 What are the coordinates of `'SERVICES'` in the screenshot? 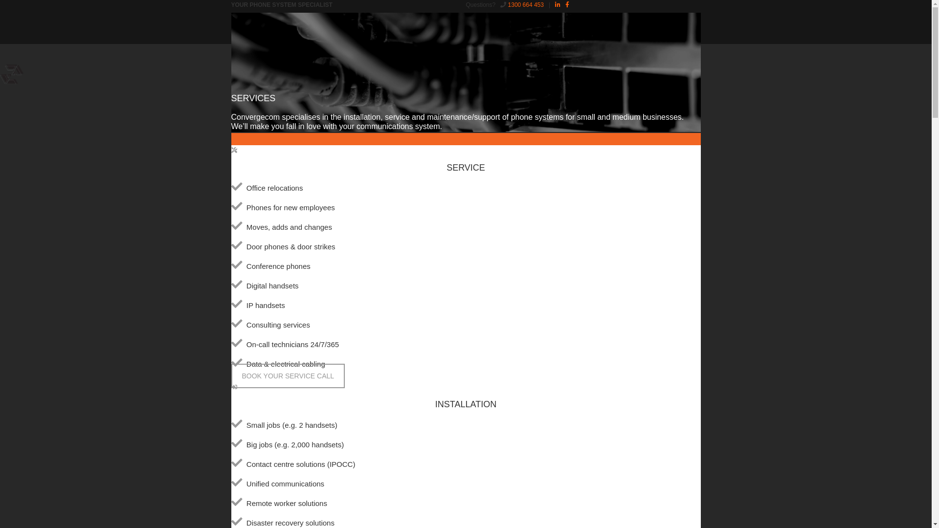 It's located at (292, 51).